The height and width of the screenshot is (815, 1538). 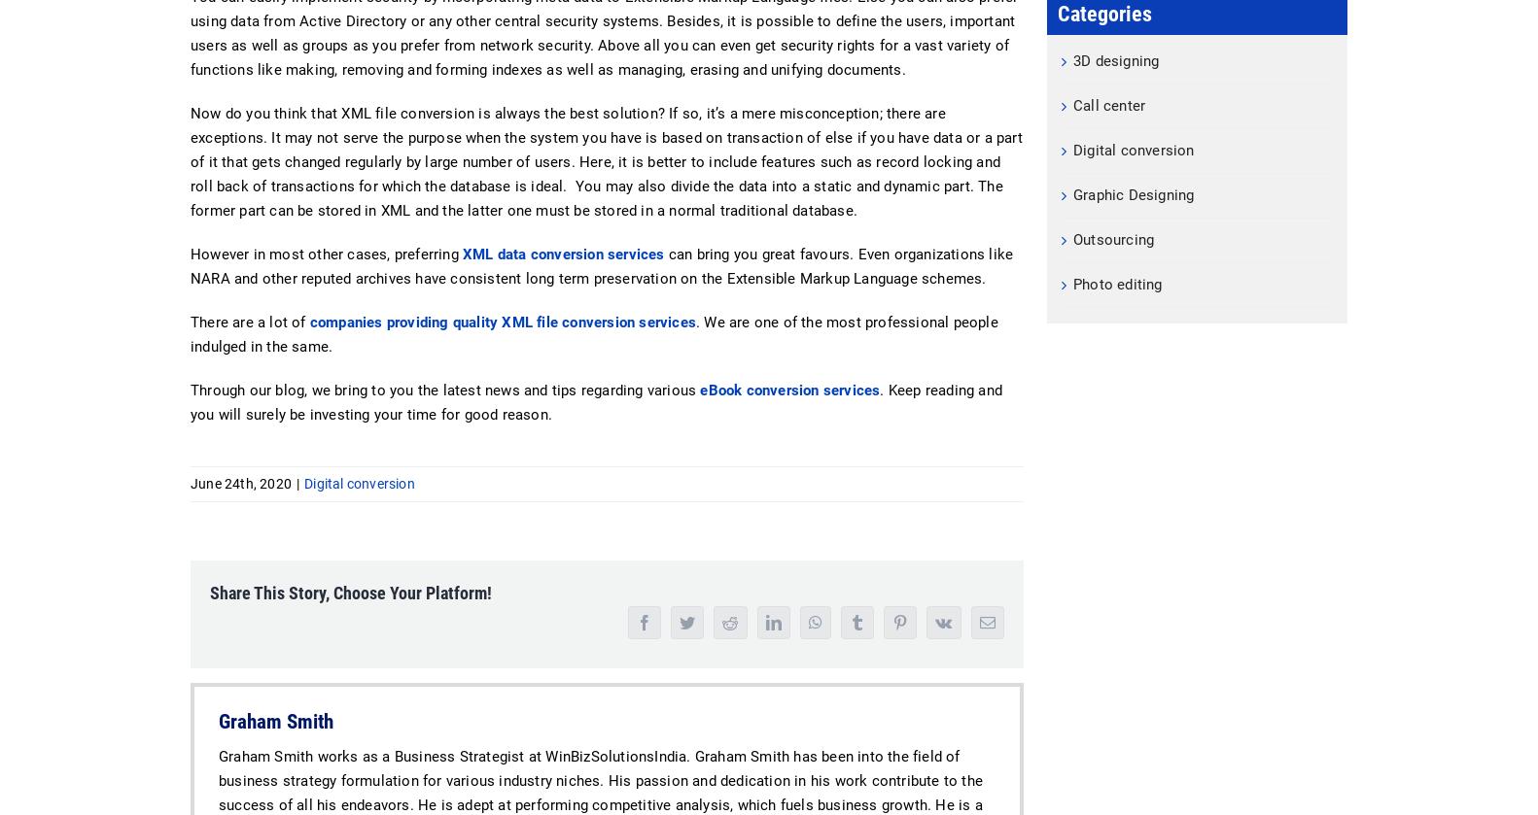 I want to click on 'can bring you great favours. Even organizations like NARA and other reputed archives have consistent long term preservation on the Extensible Markup Language schemes.', so click(x=601, y=266).